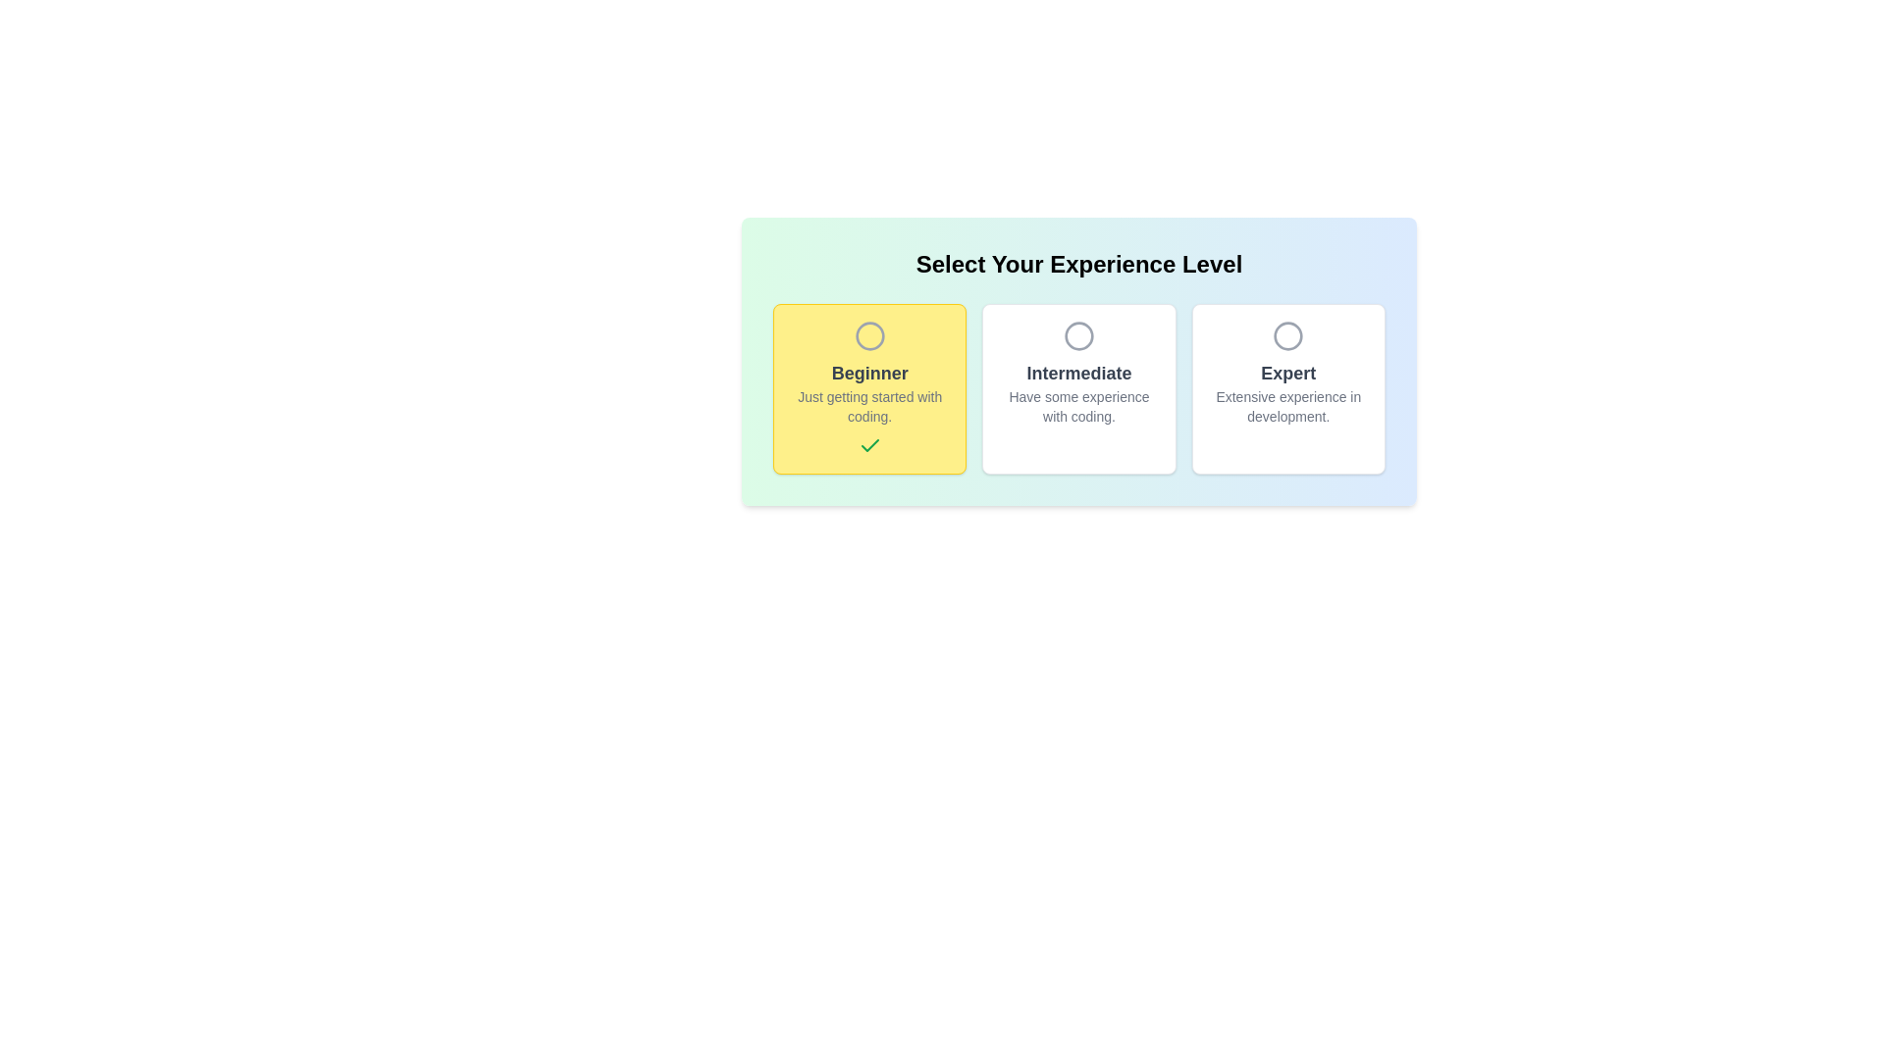 This screenshot has width=1884, height=1059. Describe the element at coordinates (868, 335) in the screenshot. I see `the circular icon representing the initial state of the 'Beginner' selection located in the top-left corner of the 'Beginner' panel` at that location.